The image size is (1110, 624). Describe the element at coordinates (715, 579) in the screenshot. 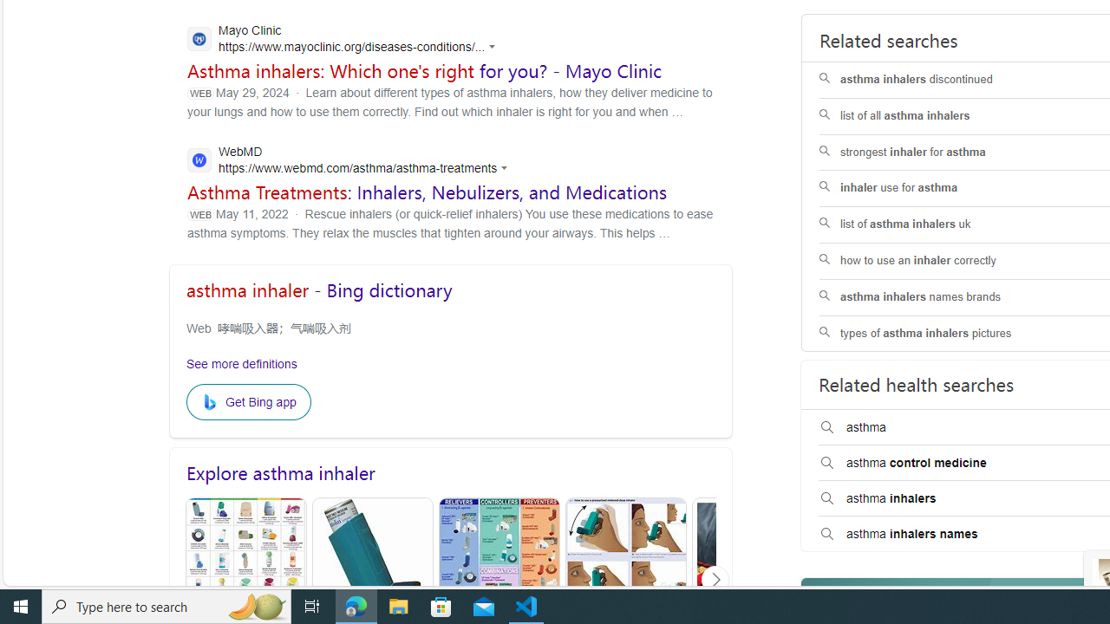

I see `'Click to scroll right'` at that location.